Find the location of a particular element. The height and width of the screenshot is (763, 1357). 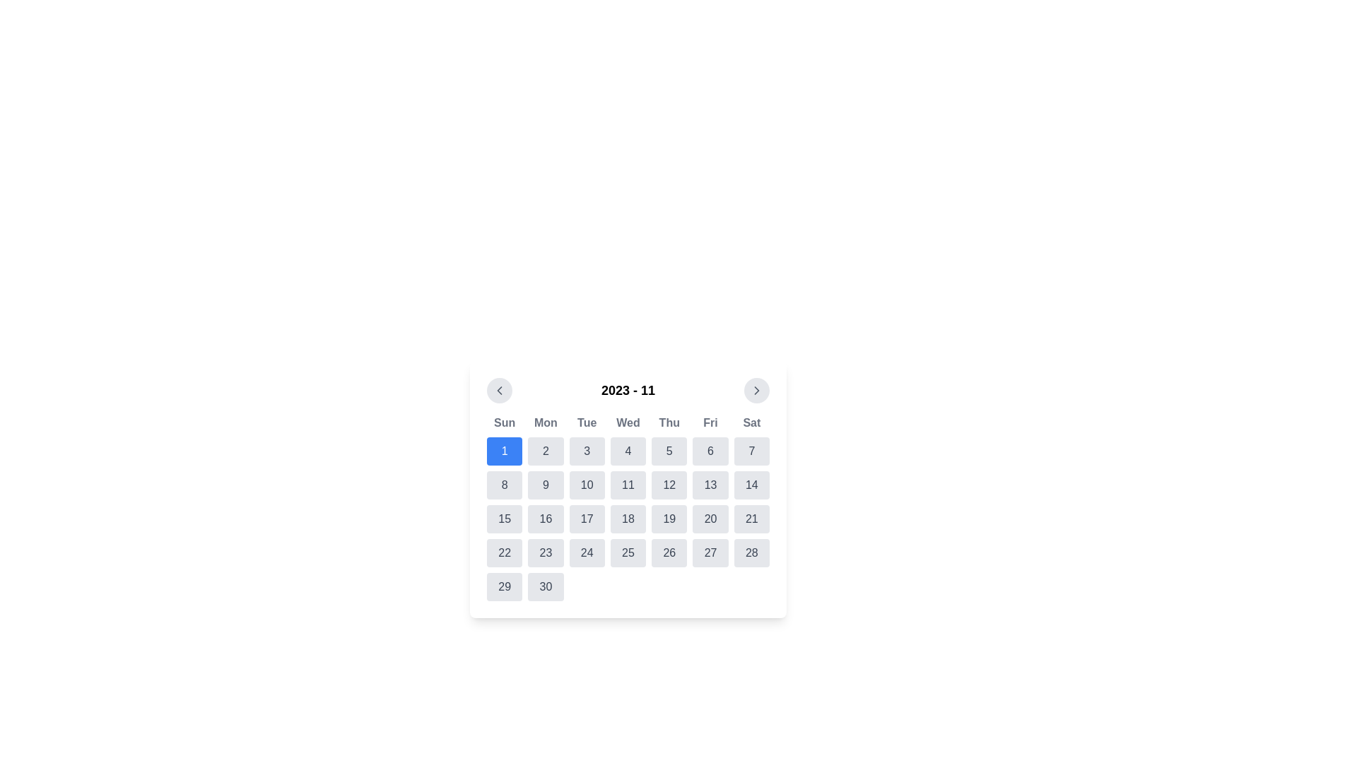

the button labeled '8' with a light gray background in the calendar grid is located at coordinates (505, 484).